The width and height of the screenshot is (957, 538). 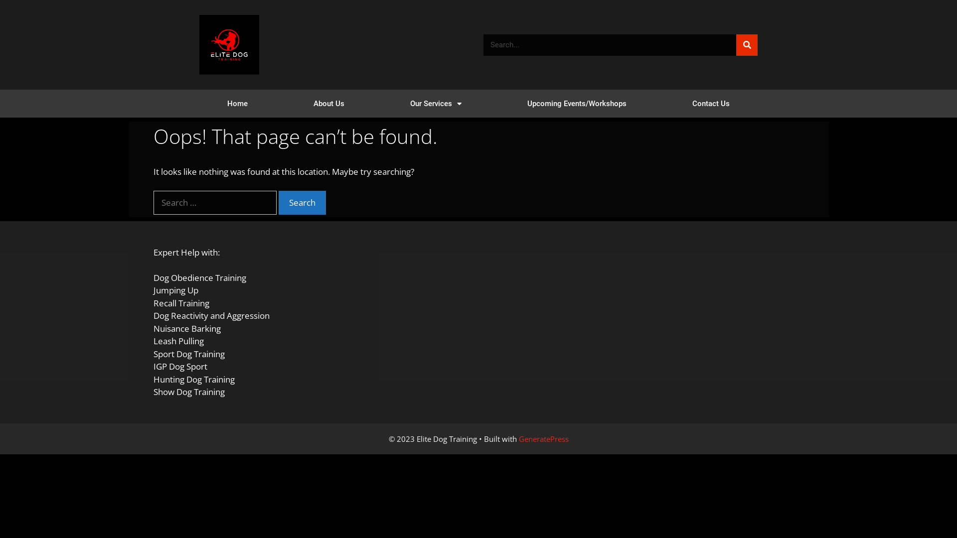 What do you see at coordinates (436, 104) in the screenshot?
I see `'Our Services'` at bounding box center [436, 104].